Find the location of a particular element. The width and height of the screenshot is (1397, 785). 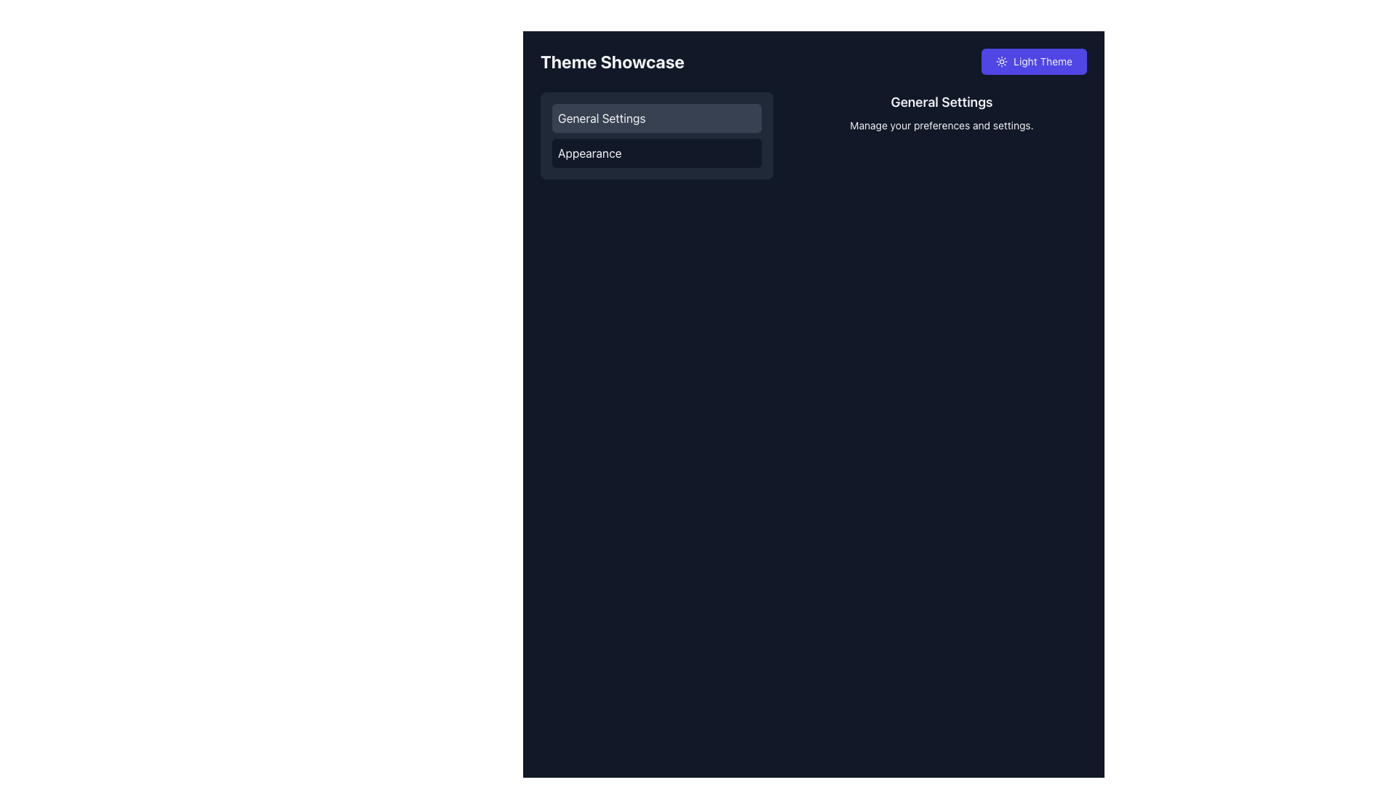

the heading text that serves as a title for the section, positioned centrally above the sibling text 'Manage your preferences and settings.' is located at coordinates (942, 102).